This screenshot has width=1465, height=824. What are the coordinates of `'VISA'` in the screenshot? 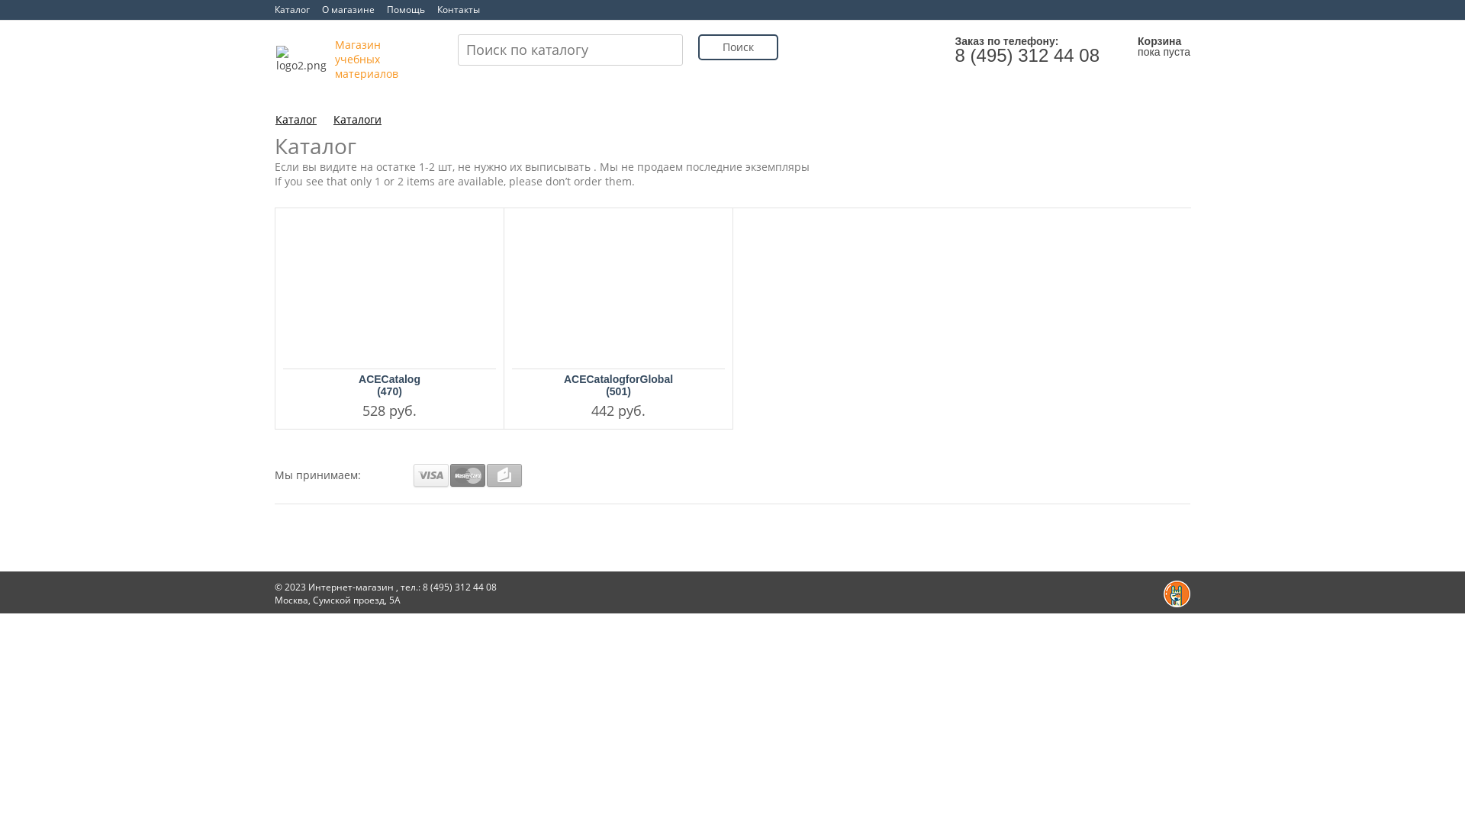 It's located at (413, 475).